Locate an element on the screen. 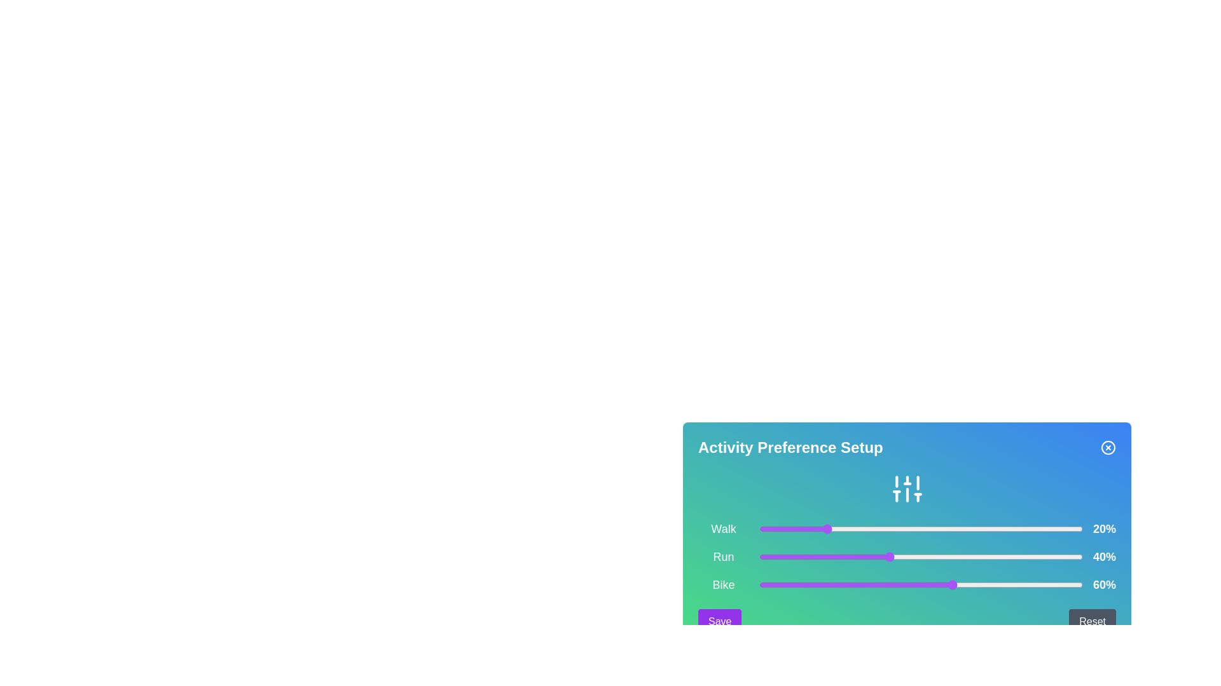 The height and width of the screenshot is (686, 1221). the slider for 0 to 48% is located at coordinates (913, 529).